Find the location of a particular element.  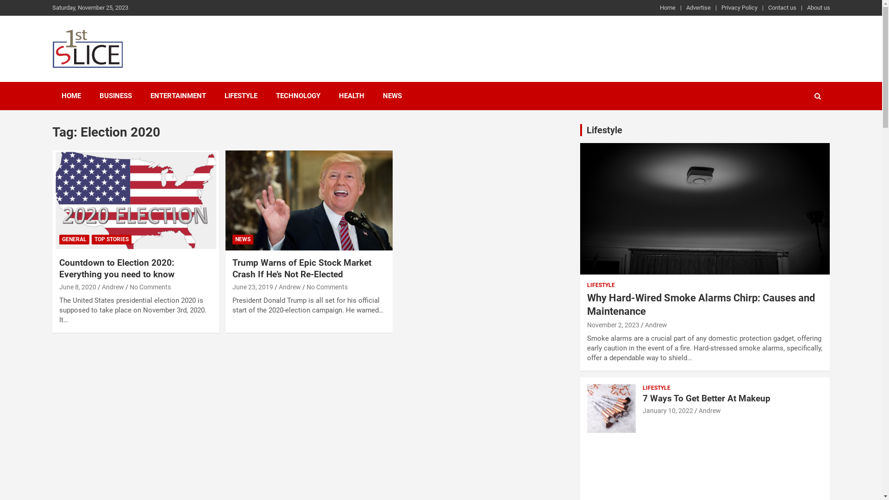

'TOP STORIES' is located at coordinates (111, 239).